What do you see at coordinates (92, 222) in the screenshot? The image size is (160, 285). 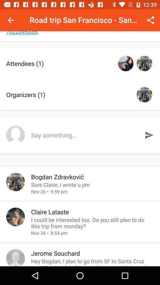 I see `the i could be icon` at bounding box center [92, 222].